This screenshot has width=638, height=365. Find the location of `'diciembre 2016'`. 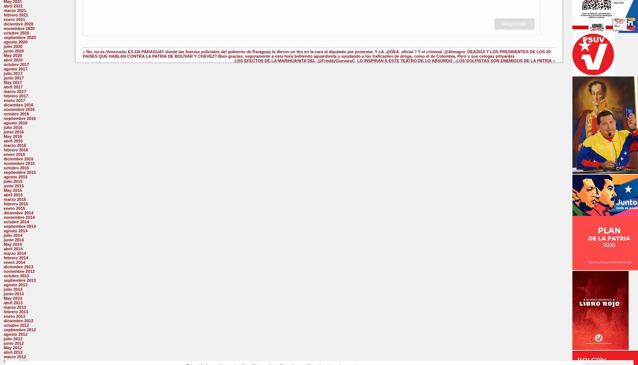

'diciembre 2016' is located at coordinates (4, 105).